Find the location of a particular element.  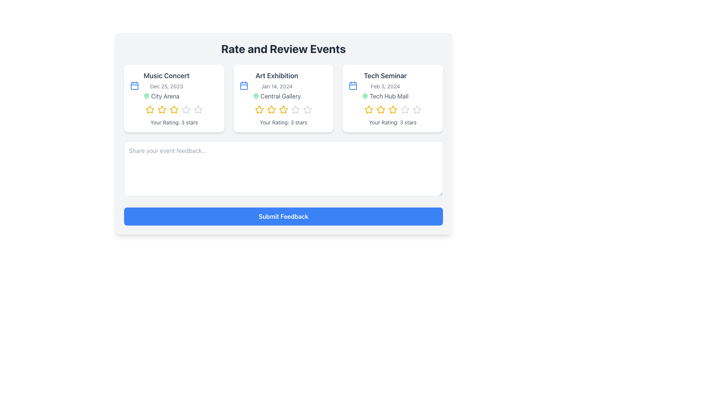

the blue calendar icon located within the 'Music Concert' card, positioned to the left of the event date 'Dec 25, 2023' is located at coordinates (135, 85).